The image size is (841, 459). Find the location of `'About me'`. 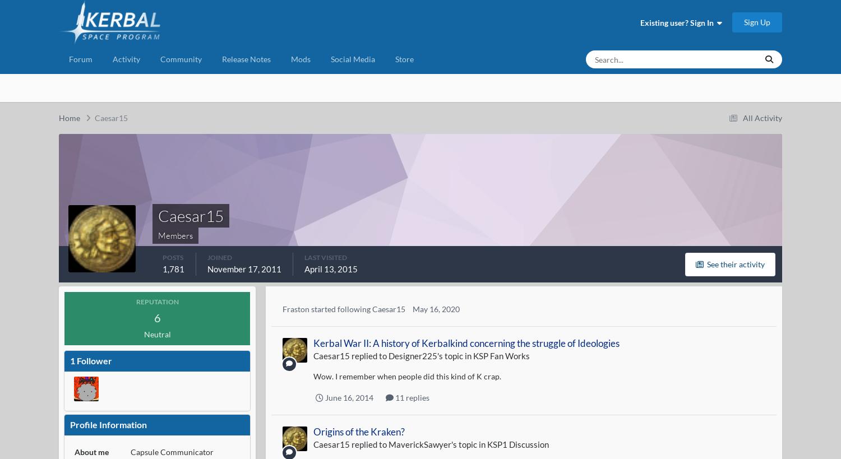

'About me' is located at coordinates (91, 452).